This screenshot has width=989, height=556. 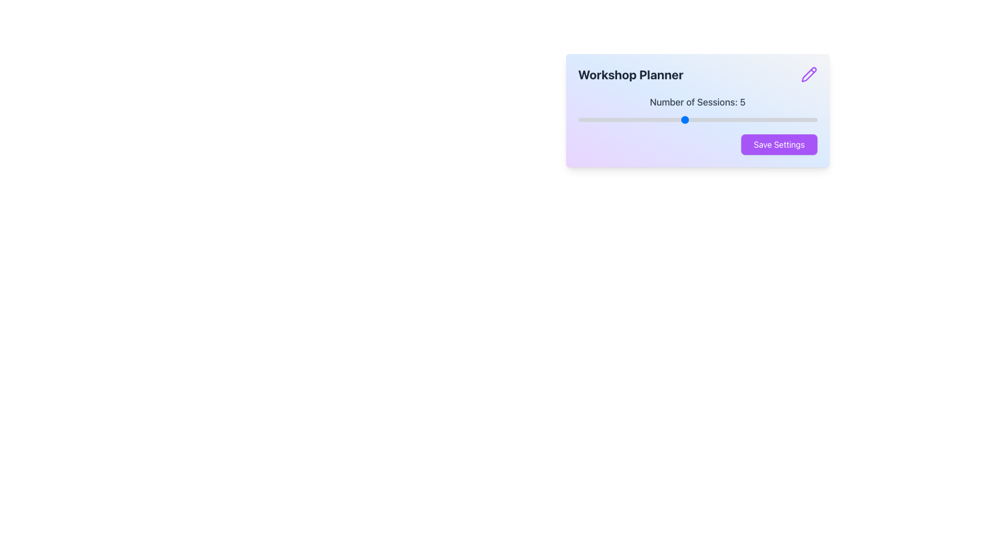 What do you see at coordinates (737, 119) in the screenshot?
I see `the number of sessions` at bounding box center [737, 119].